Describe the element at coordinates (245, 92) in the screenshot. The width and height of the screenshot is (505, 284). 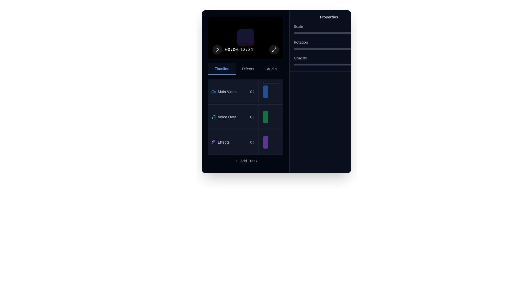
I see `the 'Main Video' structured list item located under the 'Timeline' section` at that location.